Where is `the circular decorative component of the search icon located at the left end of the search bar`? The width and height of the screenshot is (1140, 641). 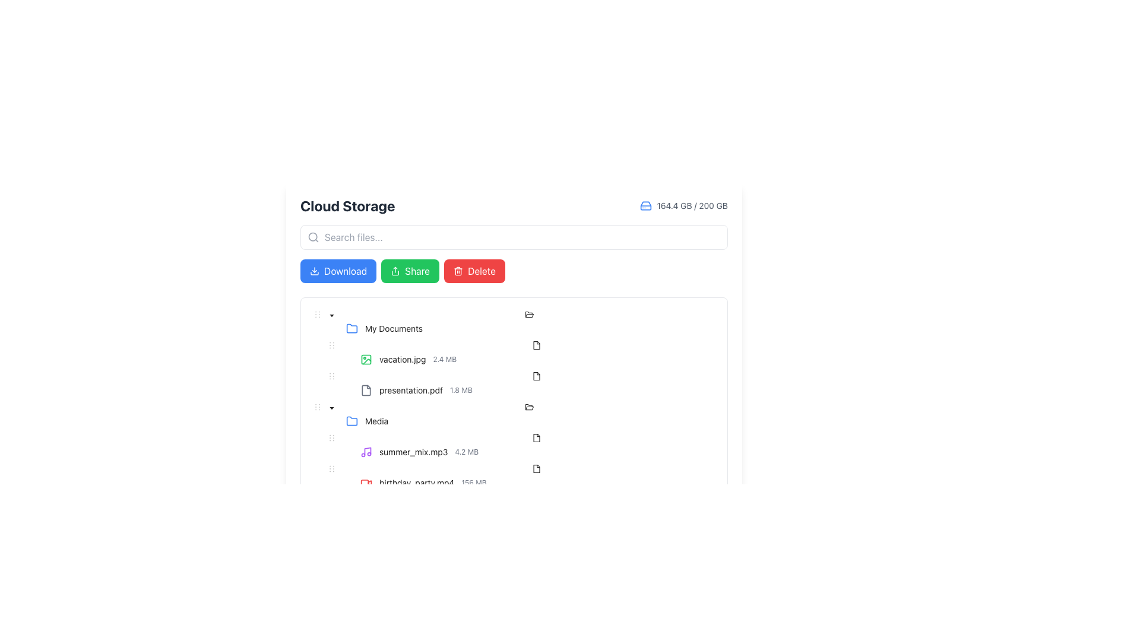 the circular decorative component of the search icon located at the left end of the search bar is located at coordinates (313, 237).